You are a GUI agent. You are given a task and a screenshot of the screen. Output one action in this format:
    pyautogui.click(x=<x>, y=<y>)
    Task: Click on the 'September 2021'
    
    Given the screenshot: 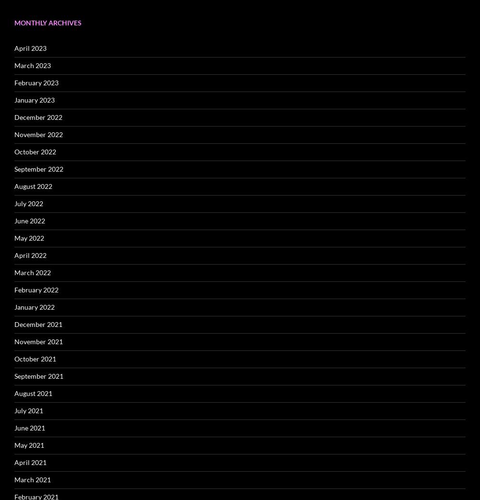 What is the action you would take?
    pyautogui.click(x=38, y=375)
    